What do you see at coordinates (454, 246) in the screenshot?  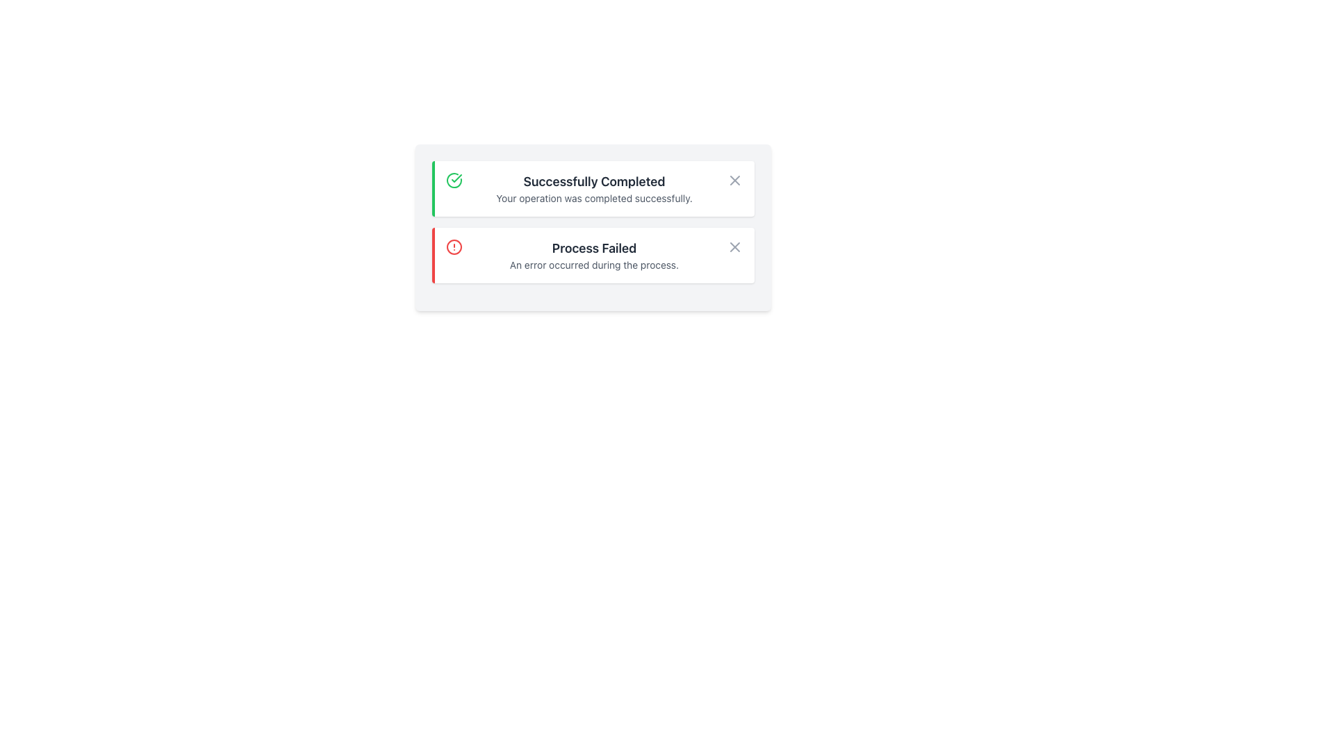 I see `the red circular alert icon within the 'Process Failed' label, which is the second item in the vertical list` at bounding box center [454, 246].